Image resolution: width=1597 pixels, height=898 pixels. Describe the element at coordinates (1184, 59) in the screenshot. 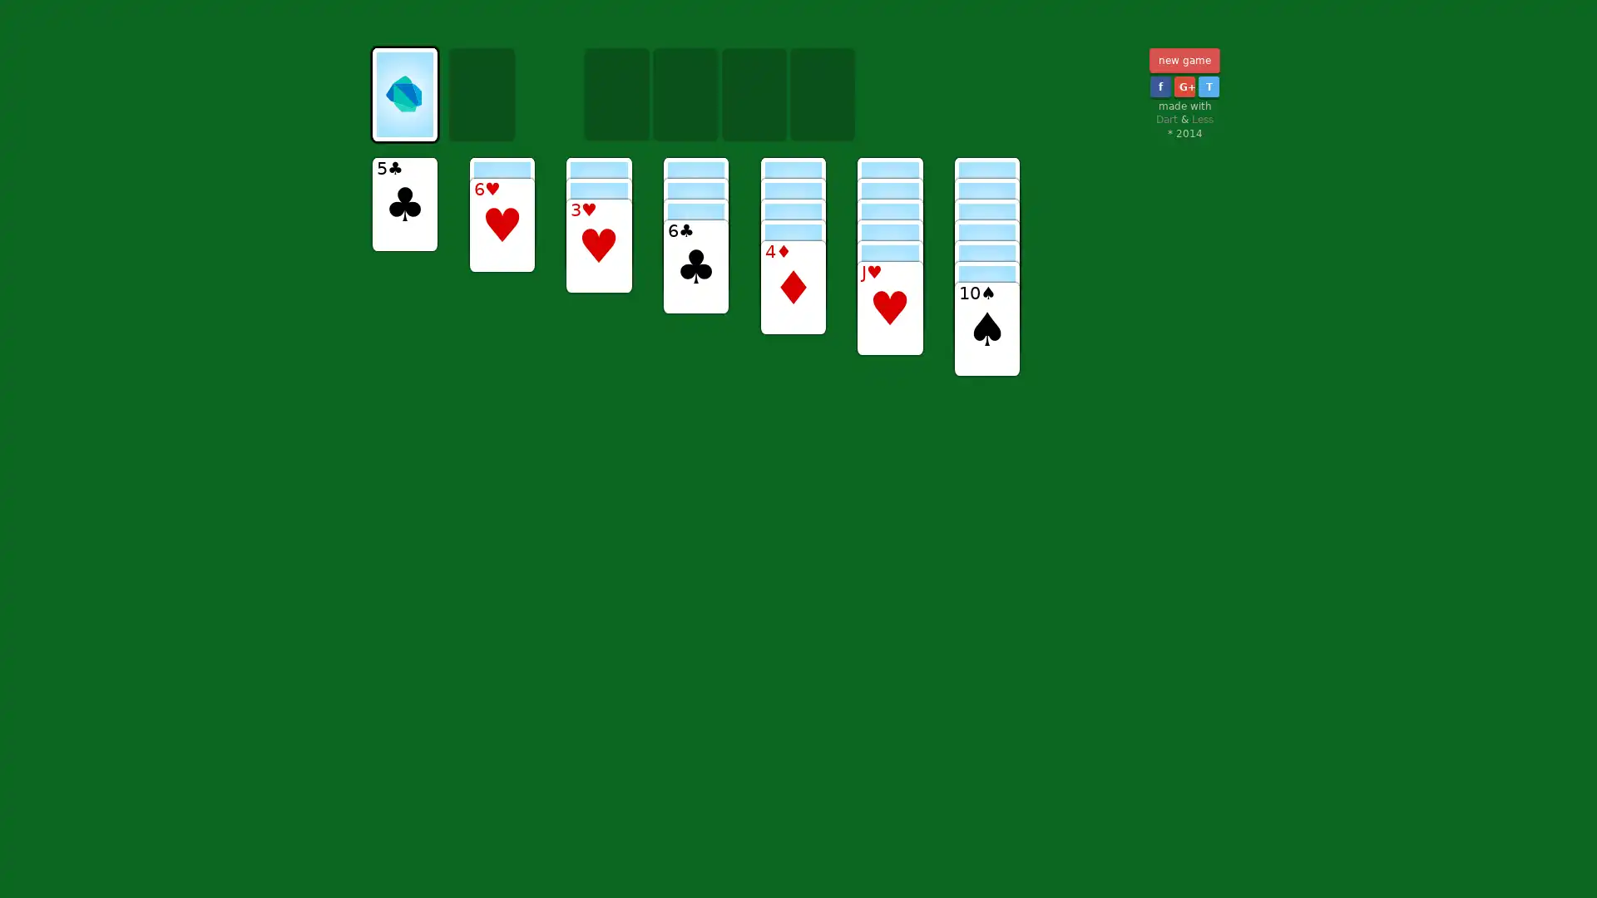

I see `new game` at that location.